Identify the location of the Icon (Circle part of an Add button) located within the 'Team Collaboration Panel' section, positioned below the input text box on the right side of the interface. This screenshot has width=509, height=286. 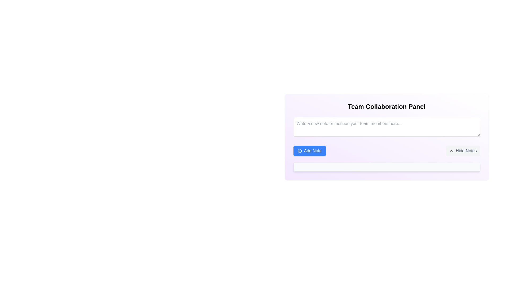
(300, 151).